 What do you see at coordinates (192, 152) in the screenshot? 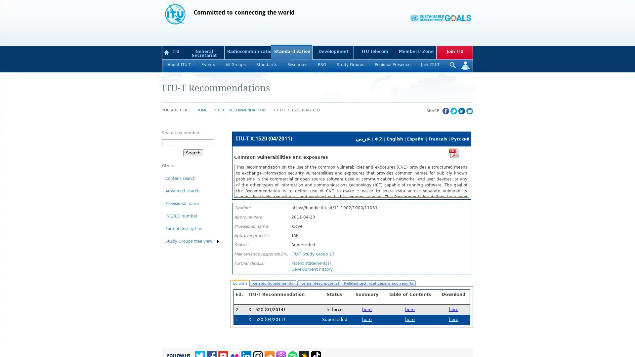
I see `Search` at bounding box center [192, 152].